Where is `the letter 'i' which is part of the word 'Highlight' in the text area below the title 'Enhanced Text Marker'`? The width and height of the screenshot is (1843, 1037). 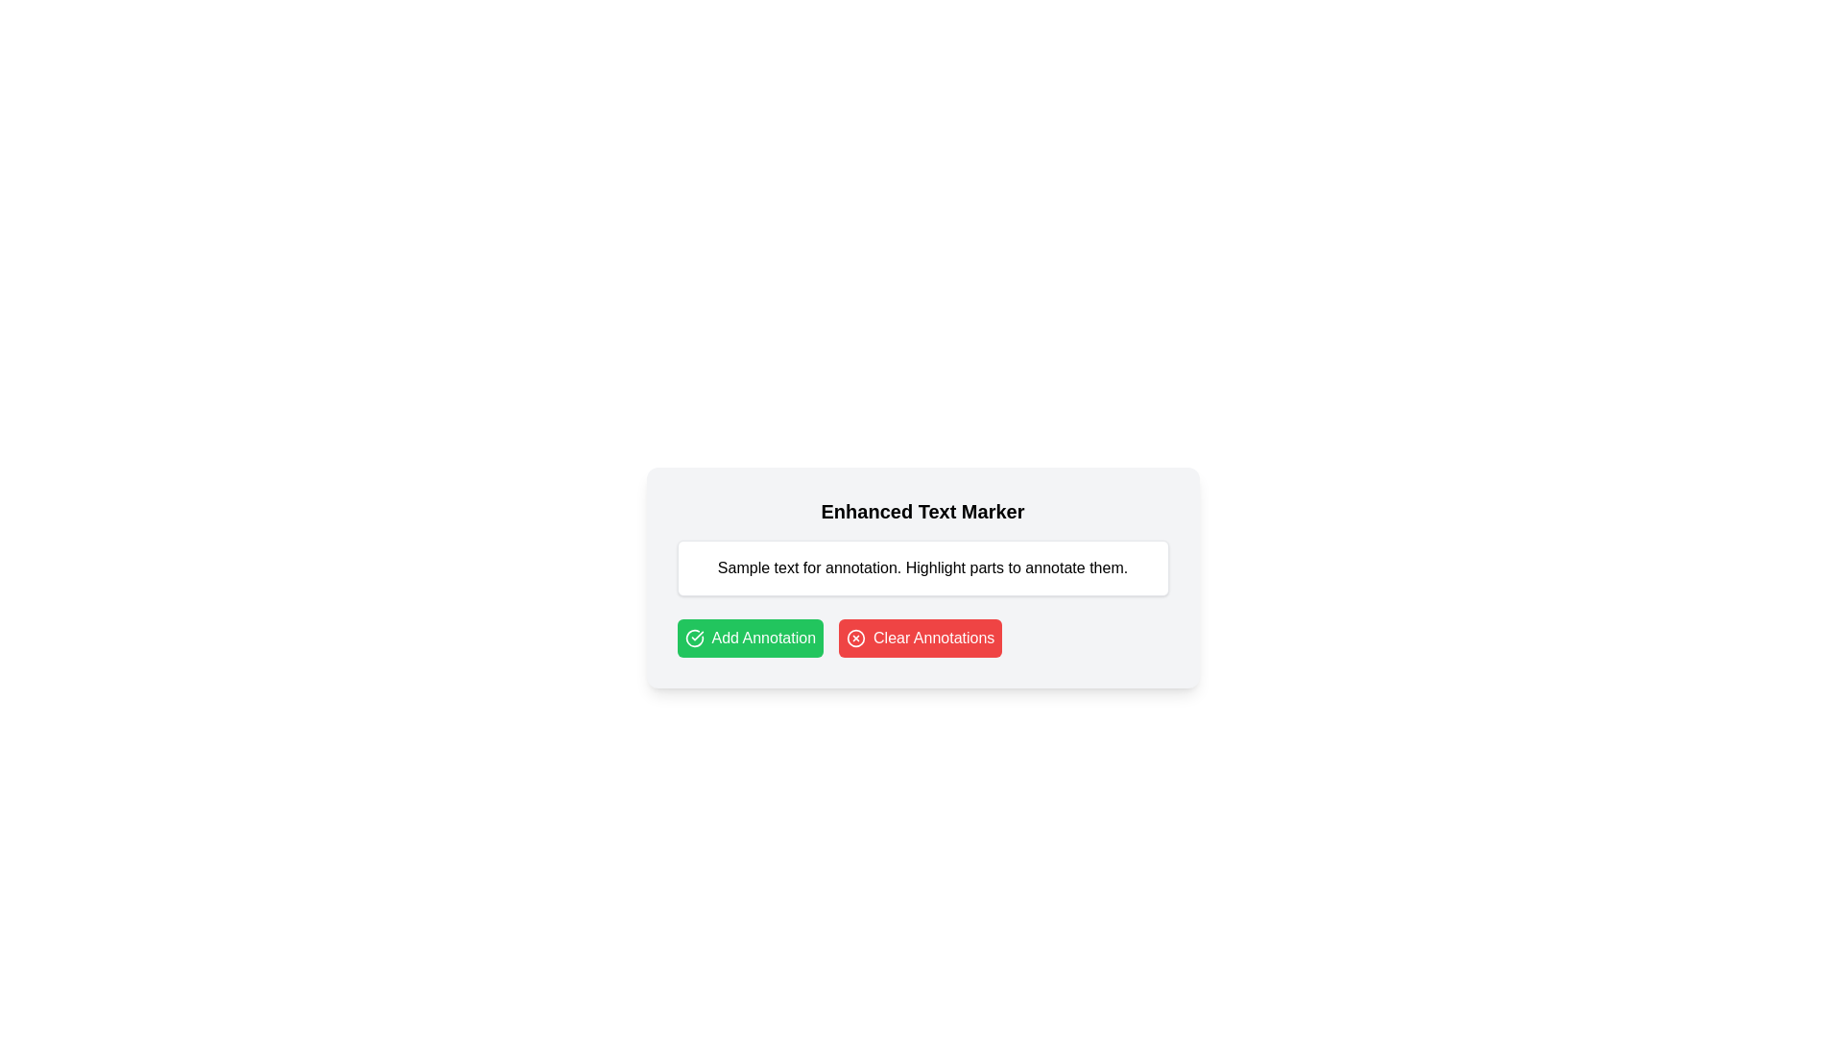
the letter 'i' which is part of the word 'Highlight' in the text area below the title 'Enhanced Text Marker' is located at coordinates (918, 567).